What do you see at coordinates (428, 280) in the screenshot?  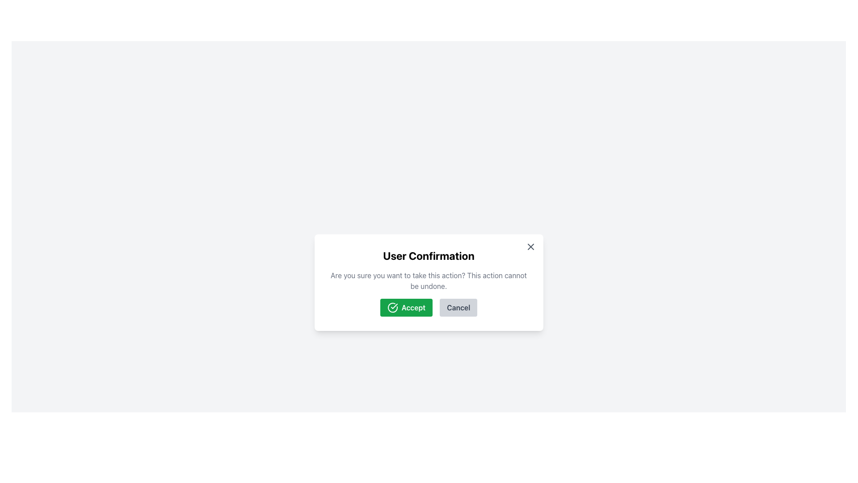 I see `warning message displayed in the text block within the modal dialog box below the title 'User Confirmation'` at bounding box center [428, 280].